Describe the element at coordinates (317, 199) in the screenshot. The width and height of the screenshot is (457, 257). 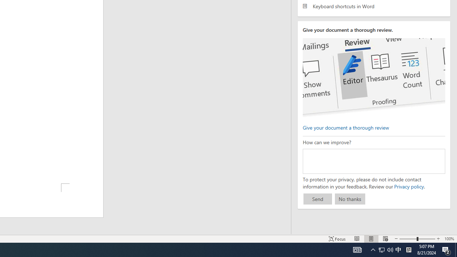
I see `'Send'` at that location.